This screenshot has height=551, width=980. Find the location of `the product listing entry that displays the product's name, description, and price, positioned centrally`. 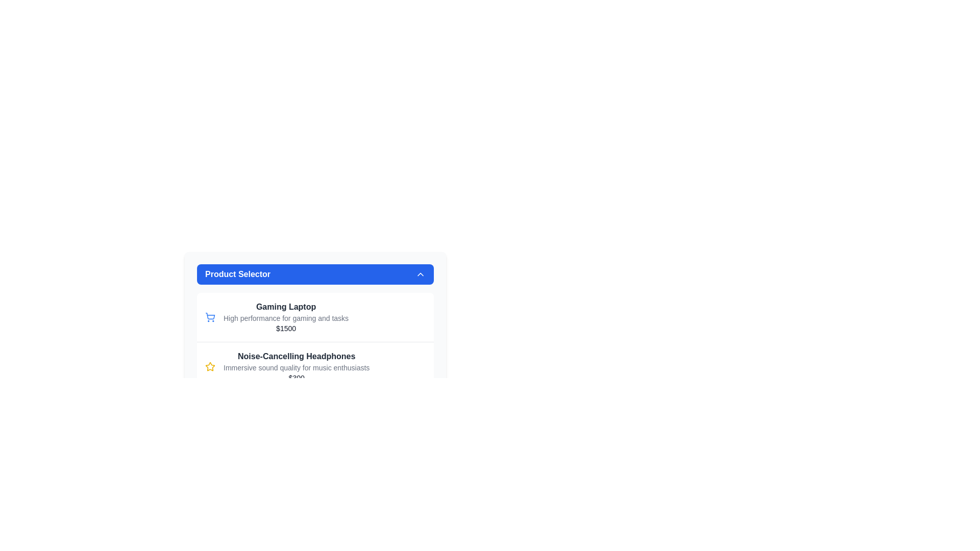

the product listing entry that displays the product's name, description, and price, positioned centrally is located at coordinates (296, 366).